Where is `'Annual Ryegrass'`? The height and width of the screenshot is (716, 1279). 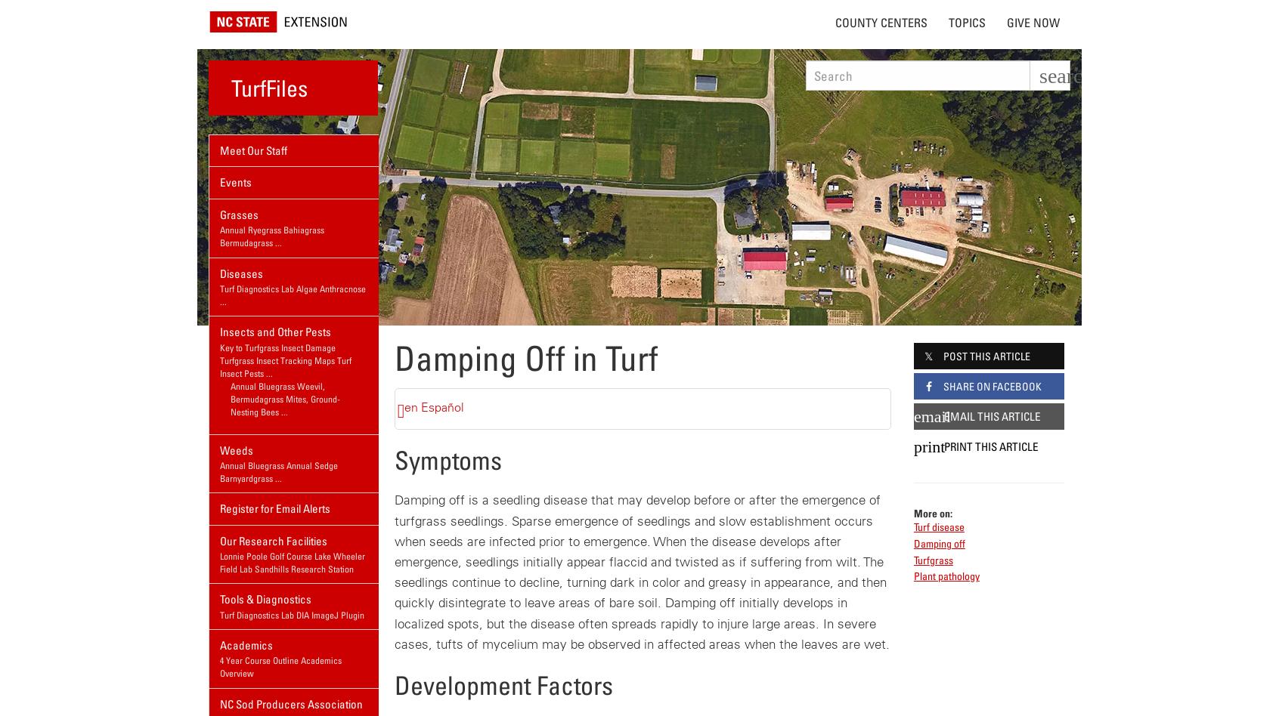
'Annual Ryegrass' is located at coordinates (219, 230).